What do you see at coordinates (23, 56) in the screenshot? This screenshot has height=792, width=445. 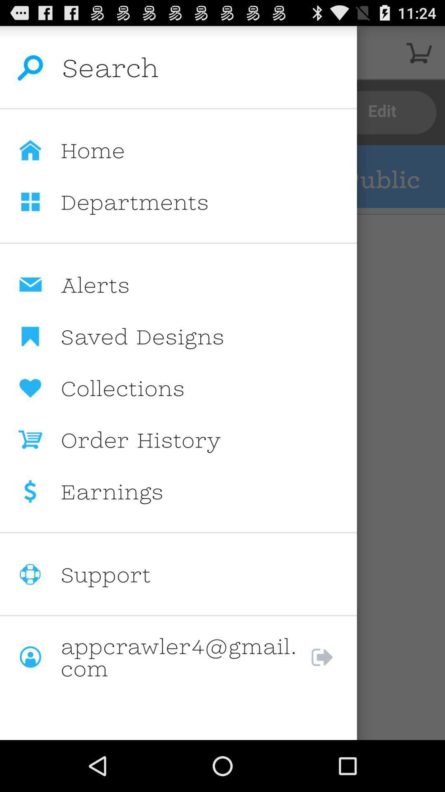 I see `the search icon` at bounding box center [23, 56].